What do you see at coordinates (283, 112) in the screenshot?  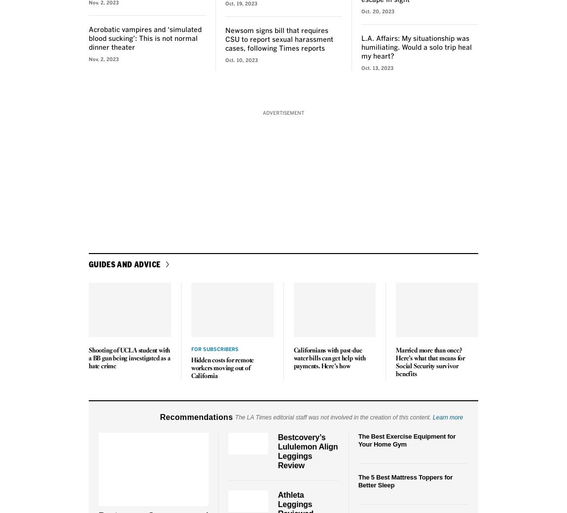 I see `'Advertisement'` at bounding box center [283, 112].